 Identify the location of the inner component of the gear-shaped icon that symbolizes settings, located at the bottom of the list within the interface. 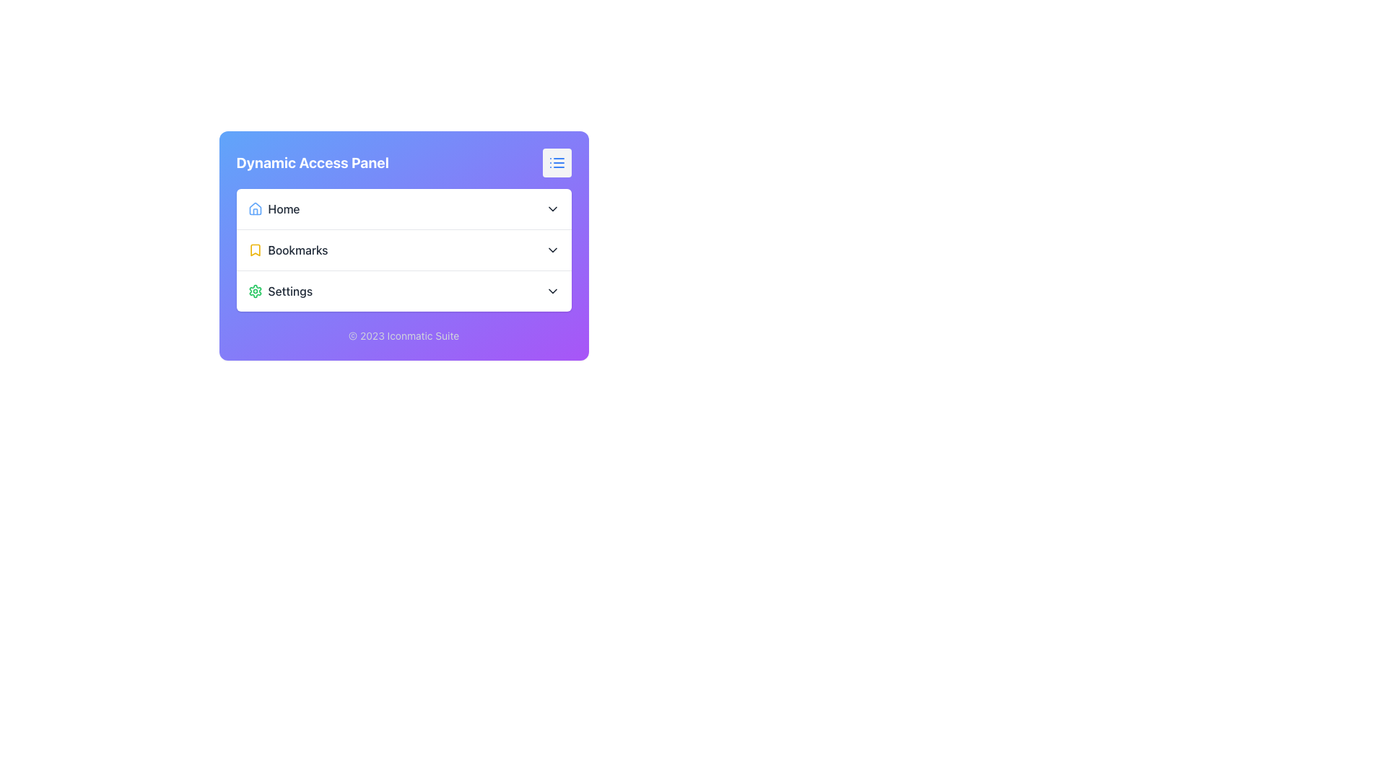
(255, 291).